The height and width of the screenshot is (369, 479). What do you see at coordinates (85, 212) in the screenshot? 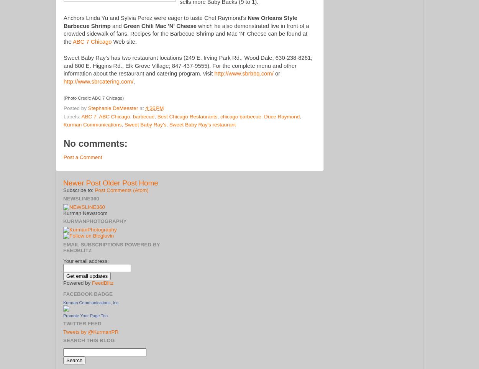
I see `'Kurman Newsroom'` at bounding box center [85, 212].